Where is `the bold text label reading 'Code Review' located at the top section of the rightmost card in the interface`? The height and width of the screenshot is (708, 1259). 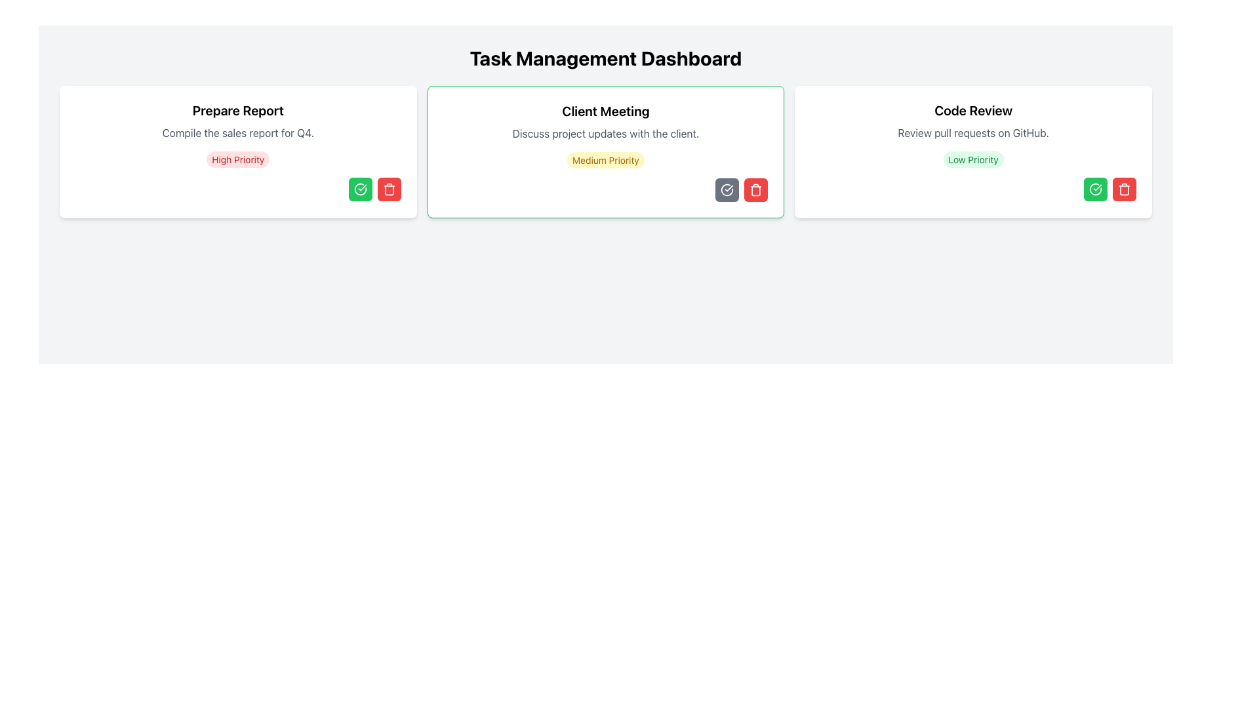
the bold text label reading 'Code Review' located at the top section of the rightmost card in the interface is located at coordinates (973, 110).